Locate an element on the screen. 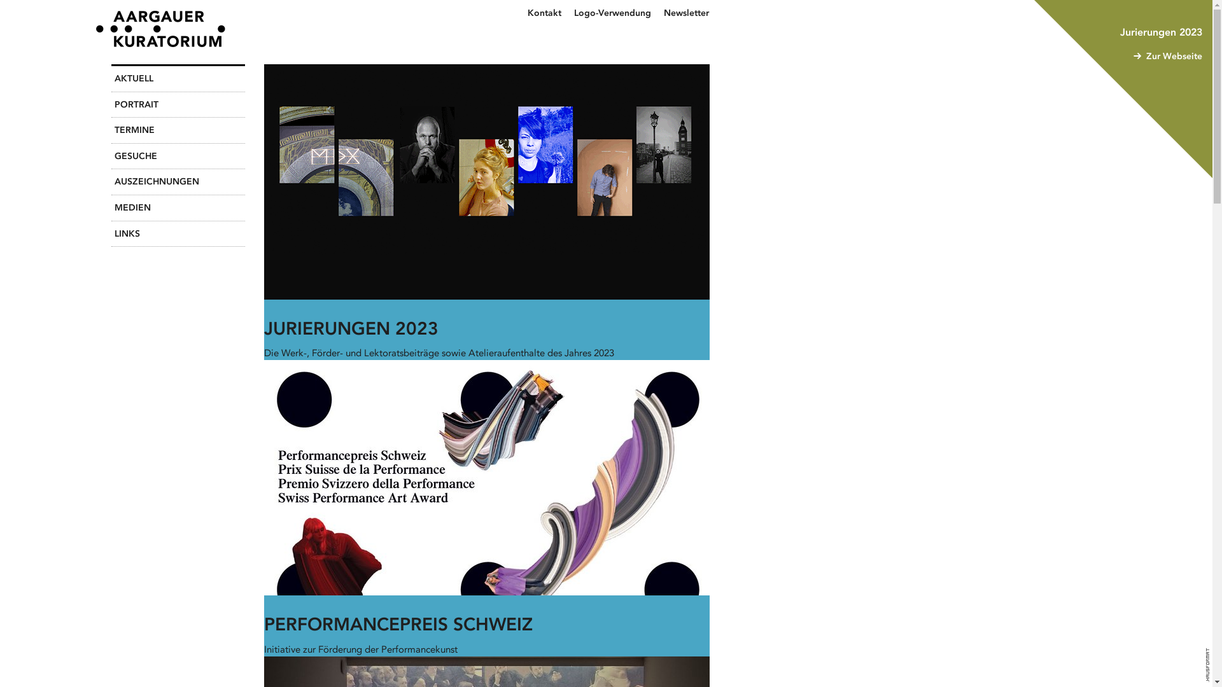 The height and width of the screenshot is (687, 1222). 'TERMINE' is located at coordinates (177, 130).